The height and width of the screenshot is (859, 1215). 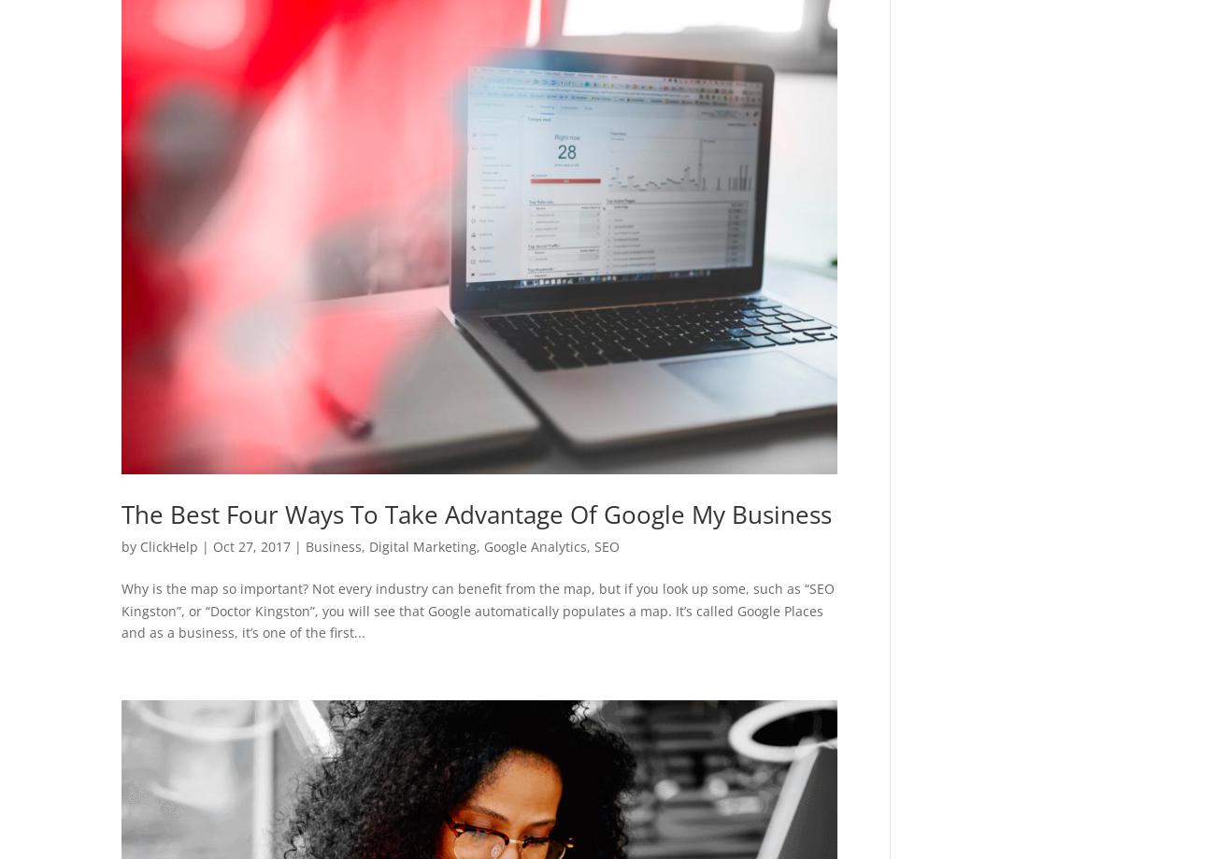 What do you see at coordinates (121, 514) in the screenshot?
I see `'The Best Four Ways To Take Advantage Of Google My Business'` at bounding box center [121, 514].